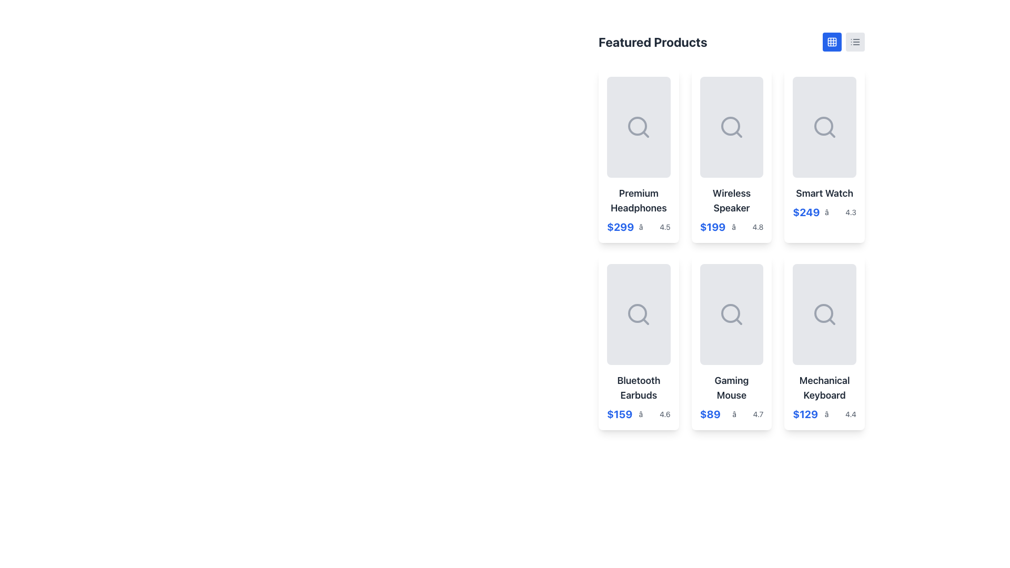 This screenshot has height=568, width=1010. I want to click on the button located at the top-right corner of the main interface, which toggles the view to a list layout, so click(855, 42).